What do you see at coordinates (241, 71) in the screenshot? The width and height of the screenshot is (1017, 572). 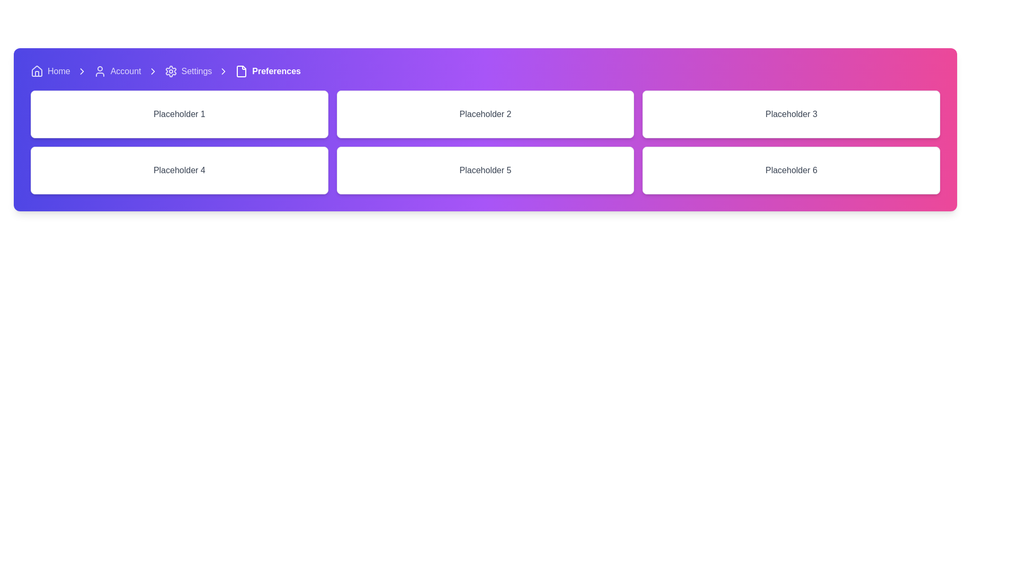 I see `the icon representing the 'Preferences' or 'Settings' page in the breadcrumb navigation bar` at bounding box center [241, 71].